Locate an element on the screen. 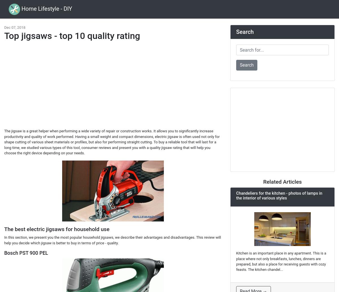  'Kitchen is an important place in any apartment. This is a place where not only breakfasts, lunches, dinners are prepared, but also a place for receiving guests with cozy feasts. The kitchen chandel...' is located at coordinates (281, 261).